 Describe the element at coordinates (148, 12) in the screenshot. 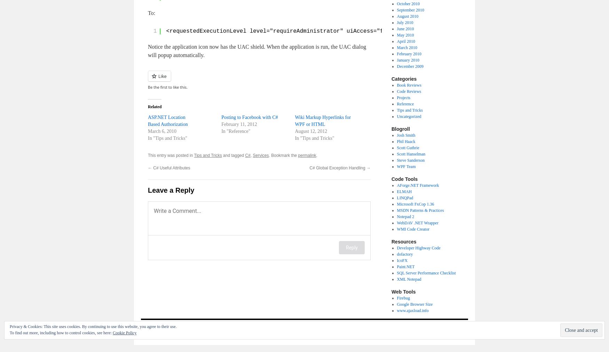

I see `'To:'` at that location.